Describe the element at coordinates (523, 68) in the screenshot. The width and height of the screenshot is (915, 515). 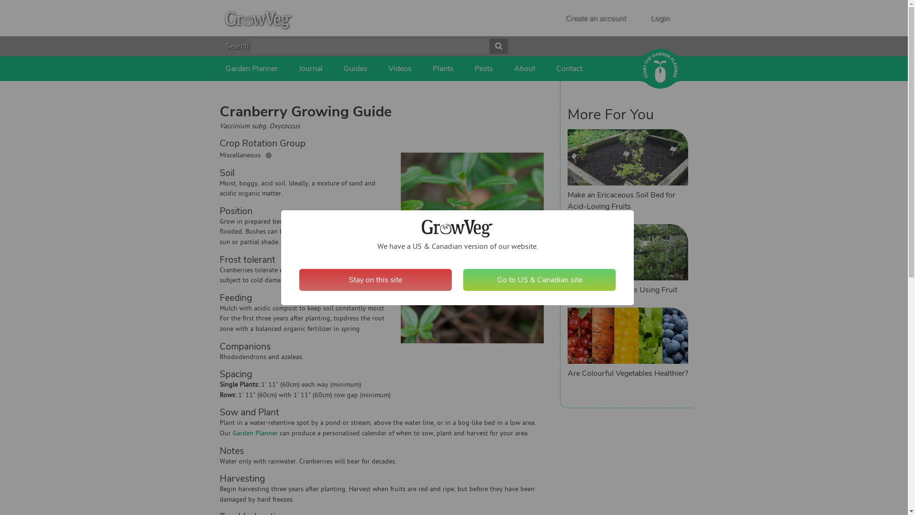
I see `'About'` at that location.